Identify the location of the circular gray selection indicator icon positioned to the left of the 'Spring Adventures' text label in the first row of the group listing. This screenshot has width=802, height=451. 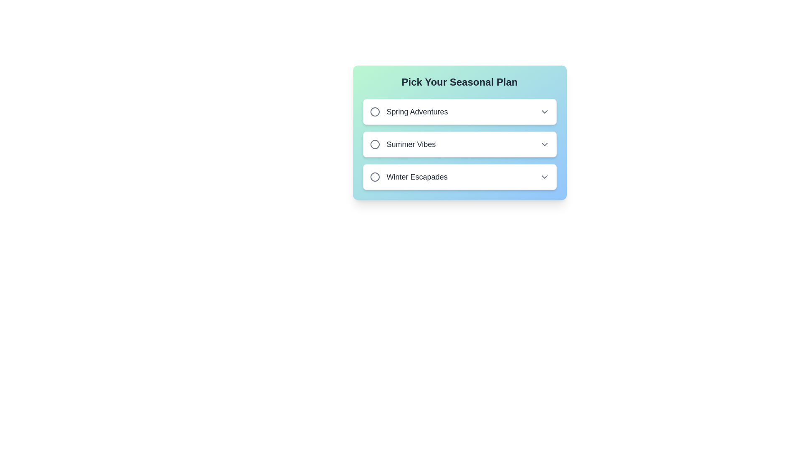
(374, 111).